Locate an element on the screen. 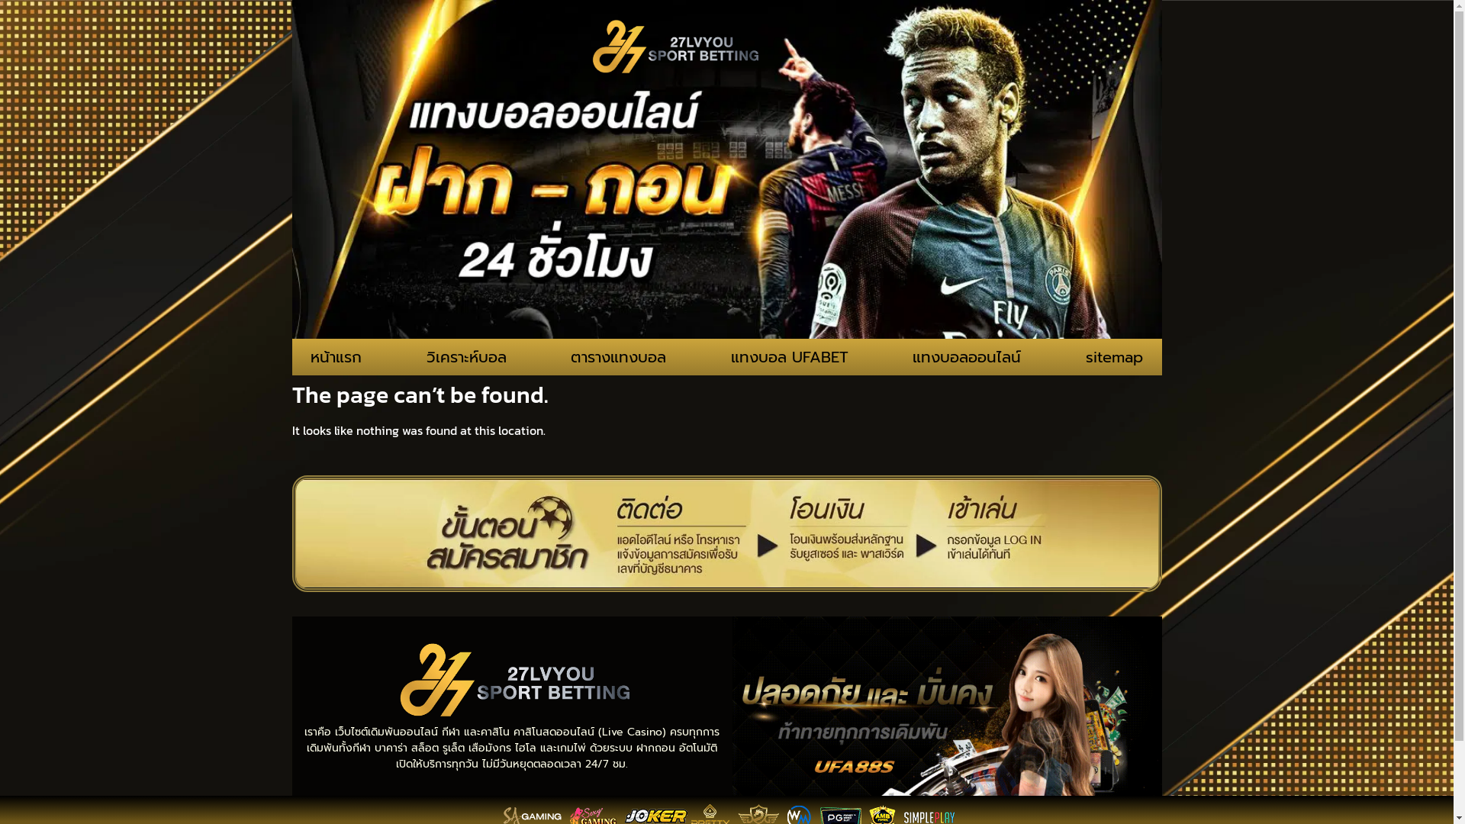 The image size is (1465, 824). 'sitemap' is located at coordinates (1114, 356).